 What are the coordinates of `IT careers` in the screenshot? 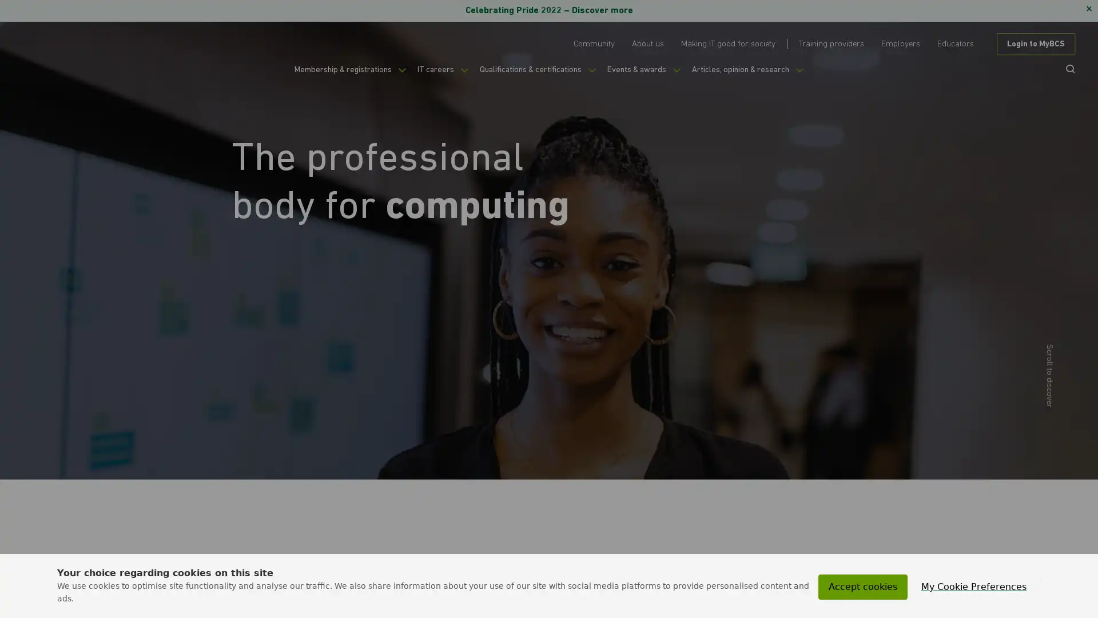 It's located at (432, 76).